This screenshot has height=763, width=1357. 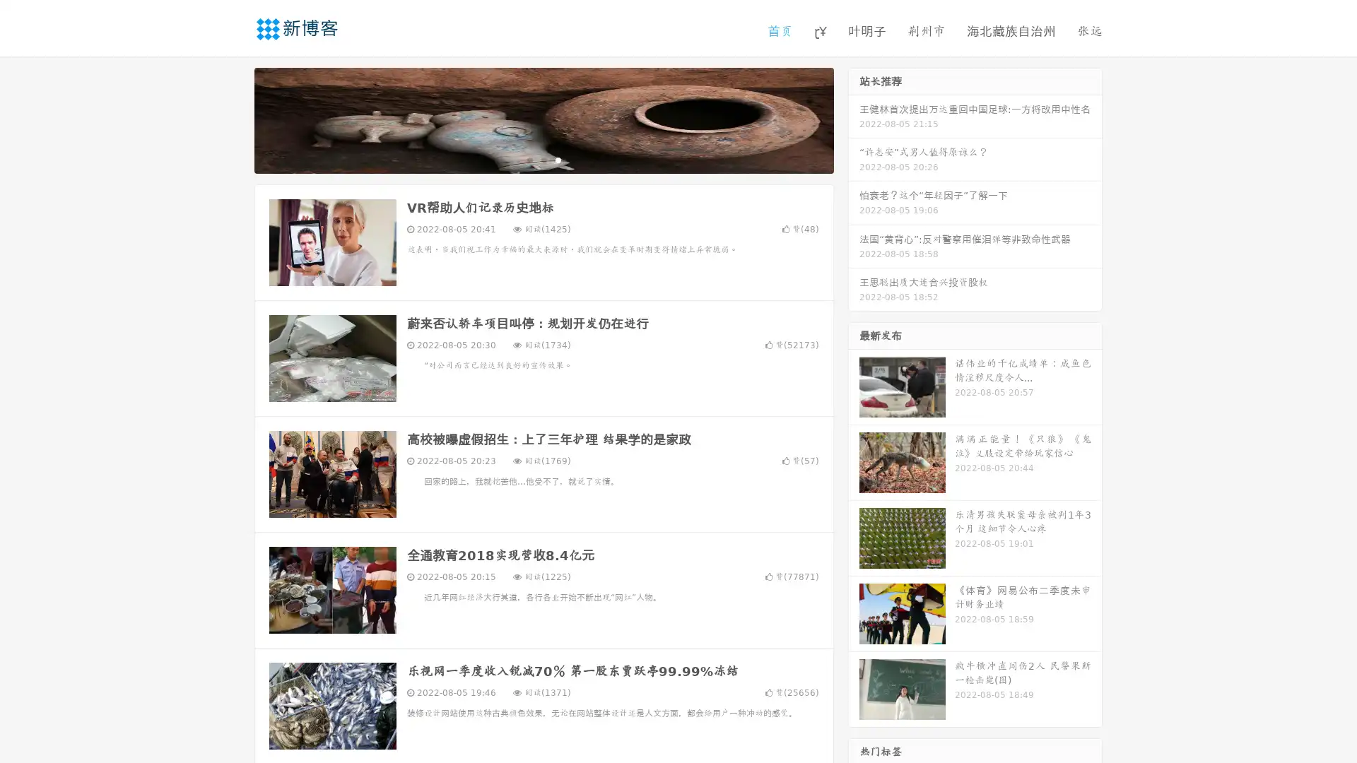 What do you see at coordinates (543, 159) in the screenshot?
I see `Go to slide 2` at bounding box center [543, 159].